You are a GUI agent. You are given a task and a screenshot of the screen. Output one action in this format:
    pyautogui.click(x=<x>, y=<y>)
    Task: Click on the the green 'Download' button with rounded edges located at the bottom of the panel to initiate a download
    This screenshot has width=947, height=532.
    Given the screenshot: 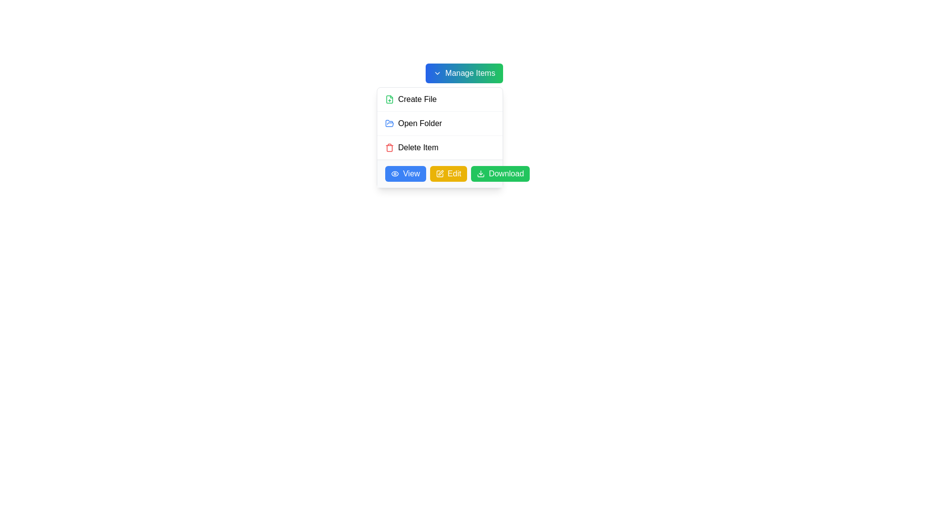 What is the action you would take?
    pyautogui.click(x=500, y=173)
    